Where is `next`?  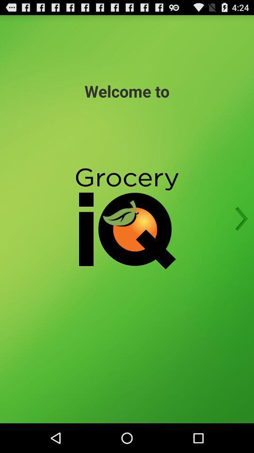 next is located at coordinates (238, 219).